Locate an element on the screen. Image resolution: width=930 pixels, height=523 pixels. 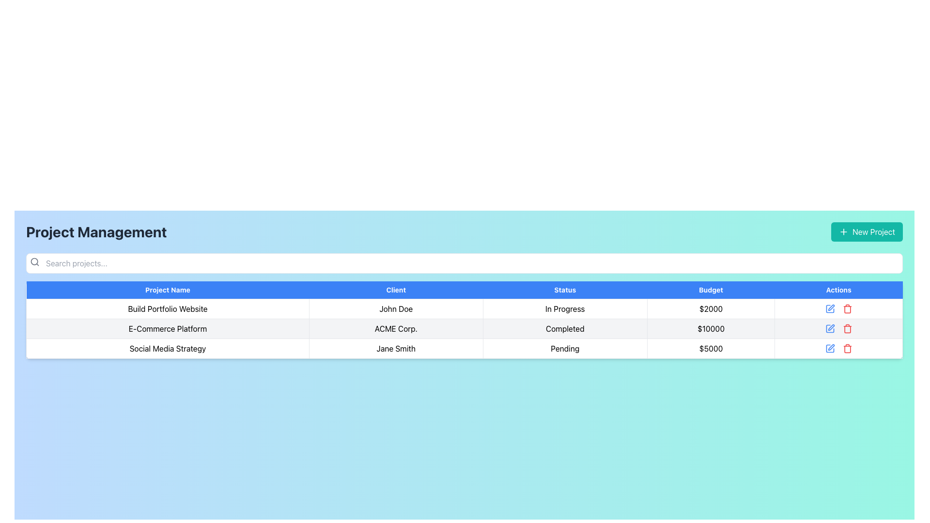
the second table cell displaying the client name for the project 'Build Portfolio Website' is located at coordinates (396, 308).